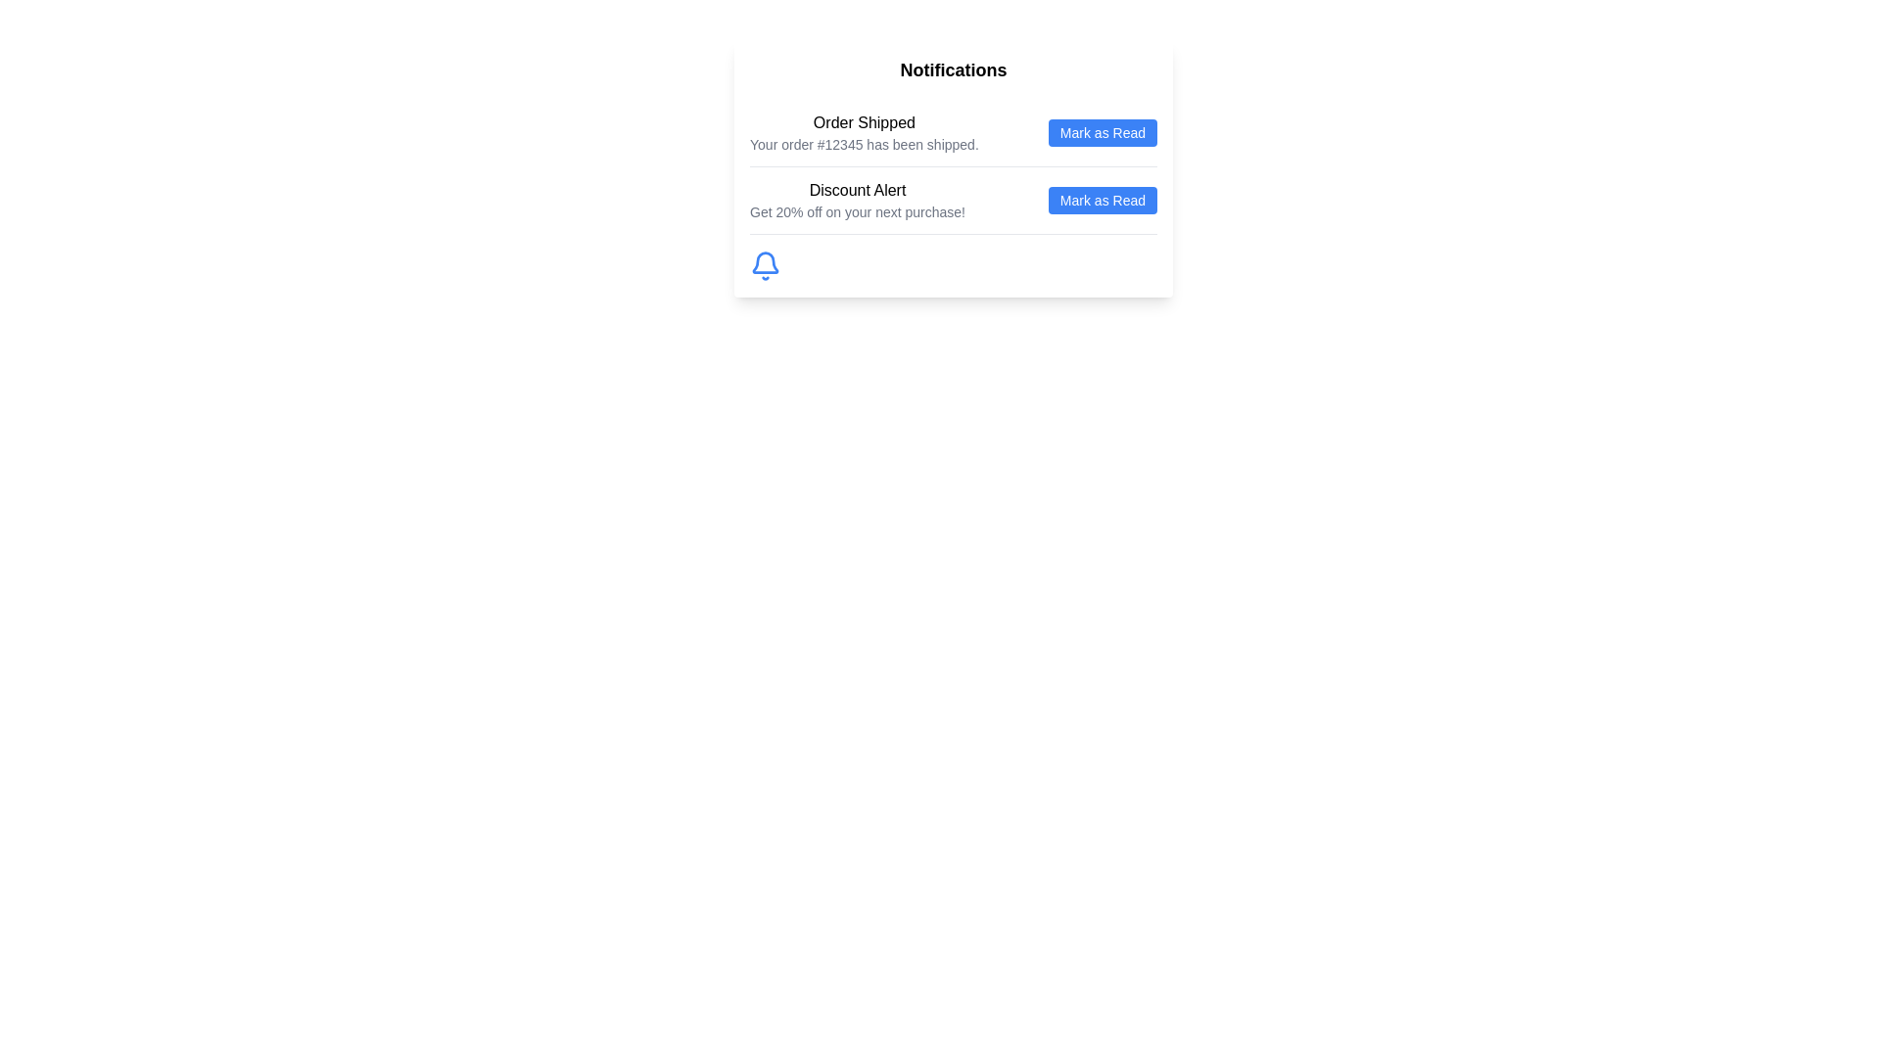 This screenshot has width=1880, height=1057. What do you see at coordinates (863, 123) in the screenshot?
I see `the 'Order Shipped' text label, which is a prominent header styled in bold black color, located at the top of the notification card` at bounding box center [863, 123].